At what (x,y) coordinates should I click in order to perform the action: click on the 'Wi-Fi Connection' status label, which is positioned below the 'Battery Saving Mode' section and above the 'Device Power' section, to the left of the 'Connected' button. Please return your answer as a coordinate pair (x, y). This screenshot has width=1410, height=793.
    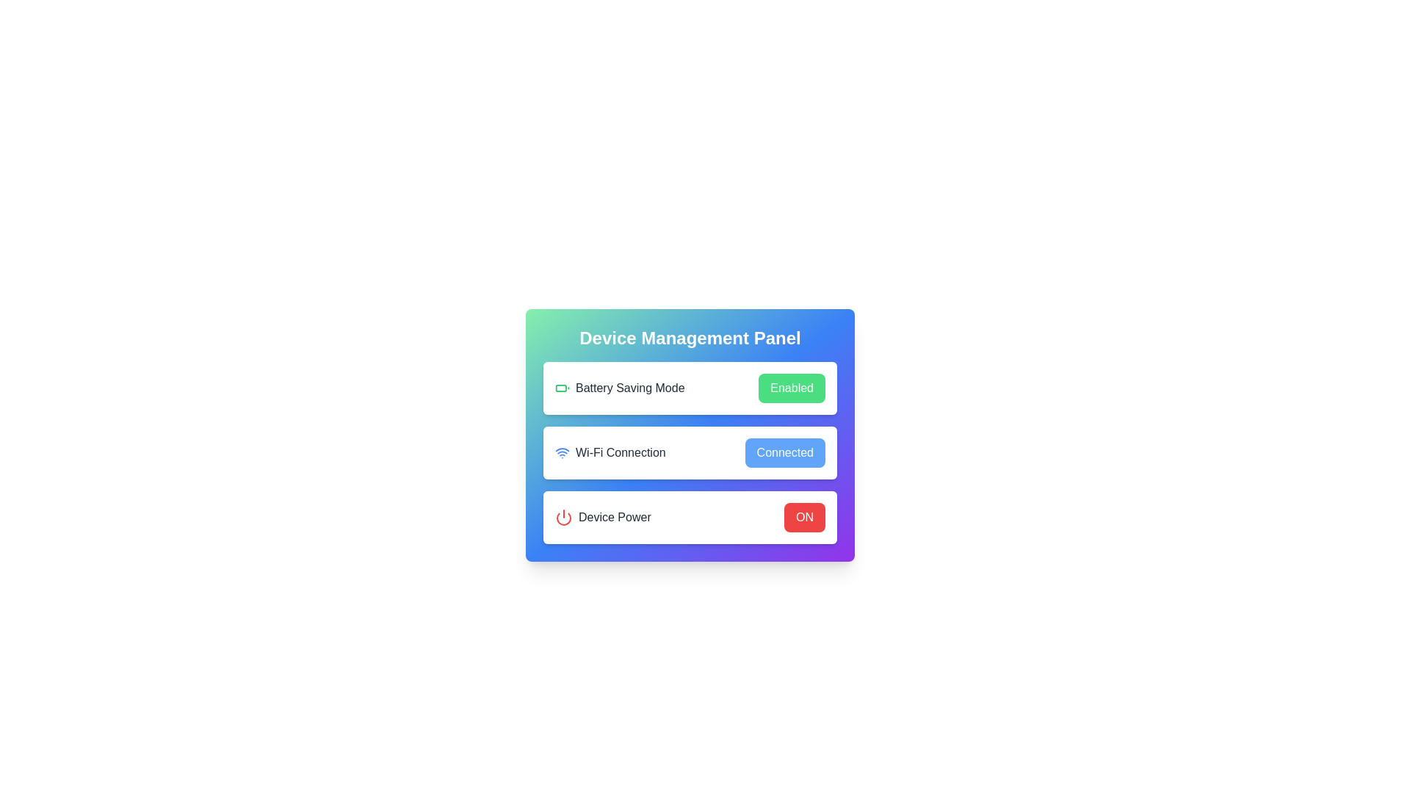
    Looking at the image, I should click on (610, 452).